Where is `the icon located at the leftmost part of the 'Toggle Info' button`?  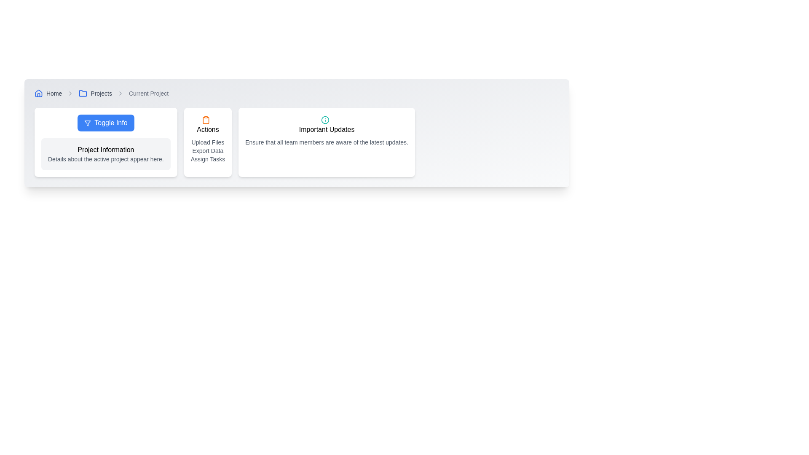
the icon located at the leftmost part of the 'Toggle Info' button is located at coordinates (88, 123).